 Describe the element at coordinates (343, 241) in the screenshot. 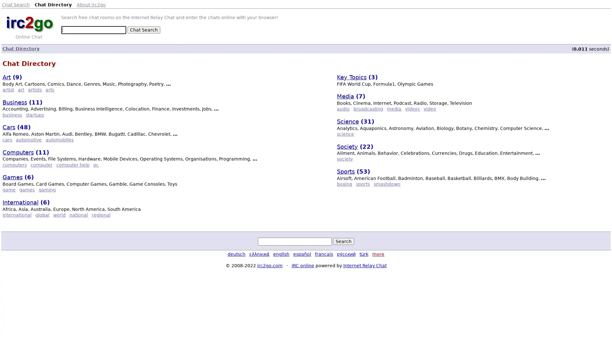

I see `Search` at that location.